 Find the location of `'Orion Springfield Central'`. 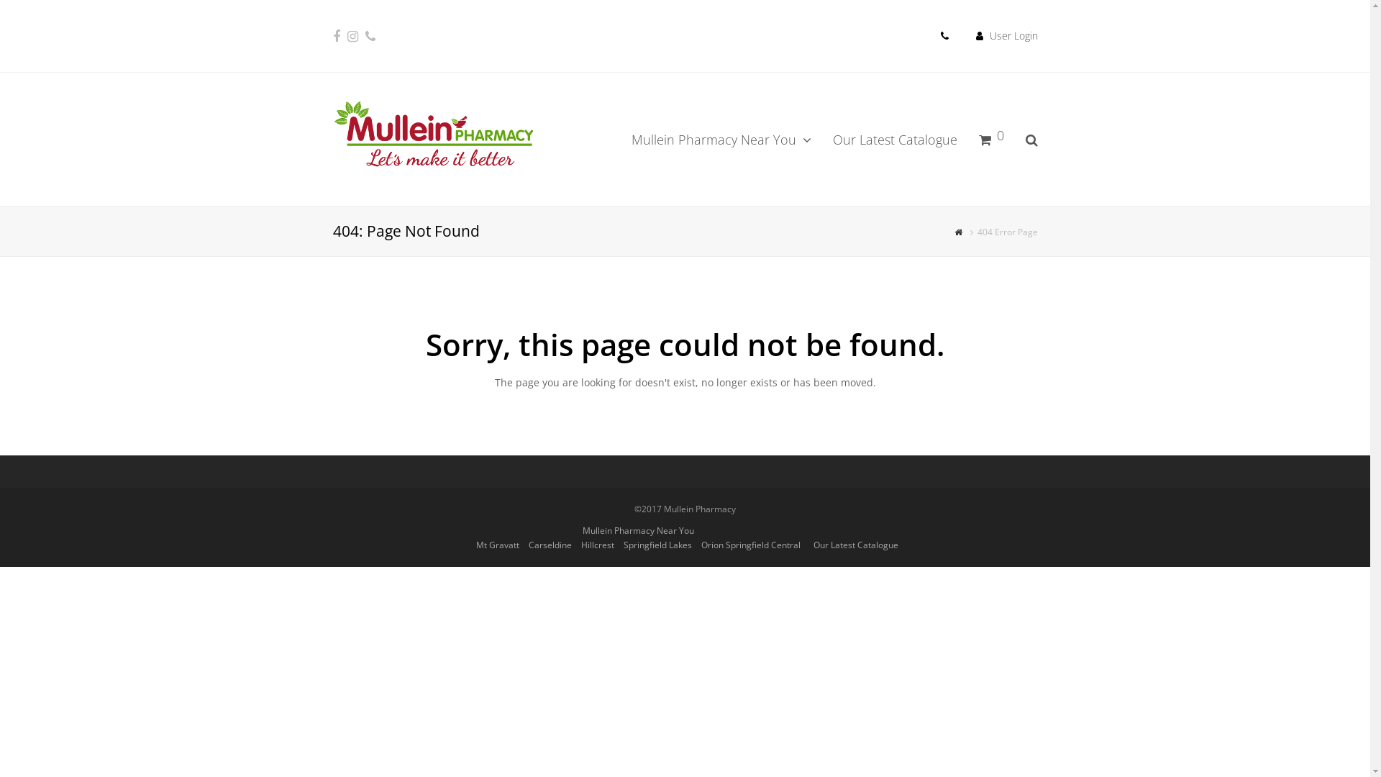

'Orion Springfield Central' is located at coordinates (749, 545).